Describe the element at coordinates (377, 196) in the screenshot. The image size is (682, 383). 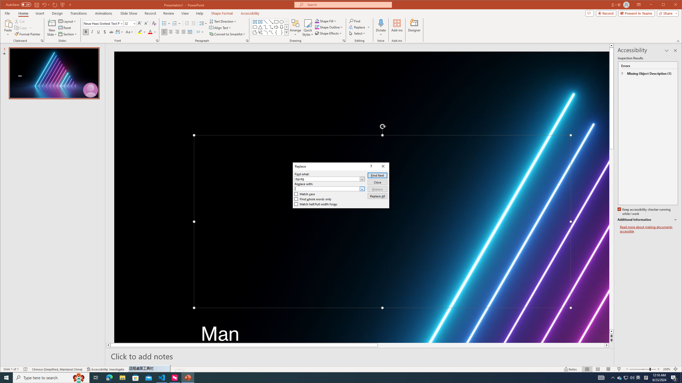
I see `'Replace All'` at that location.